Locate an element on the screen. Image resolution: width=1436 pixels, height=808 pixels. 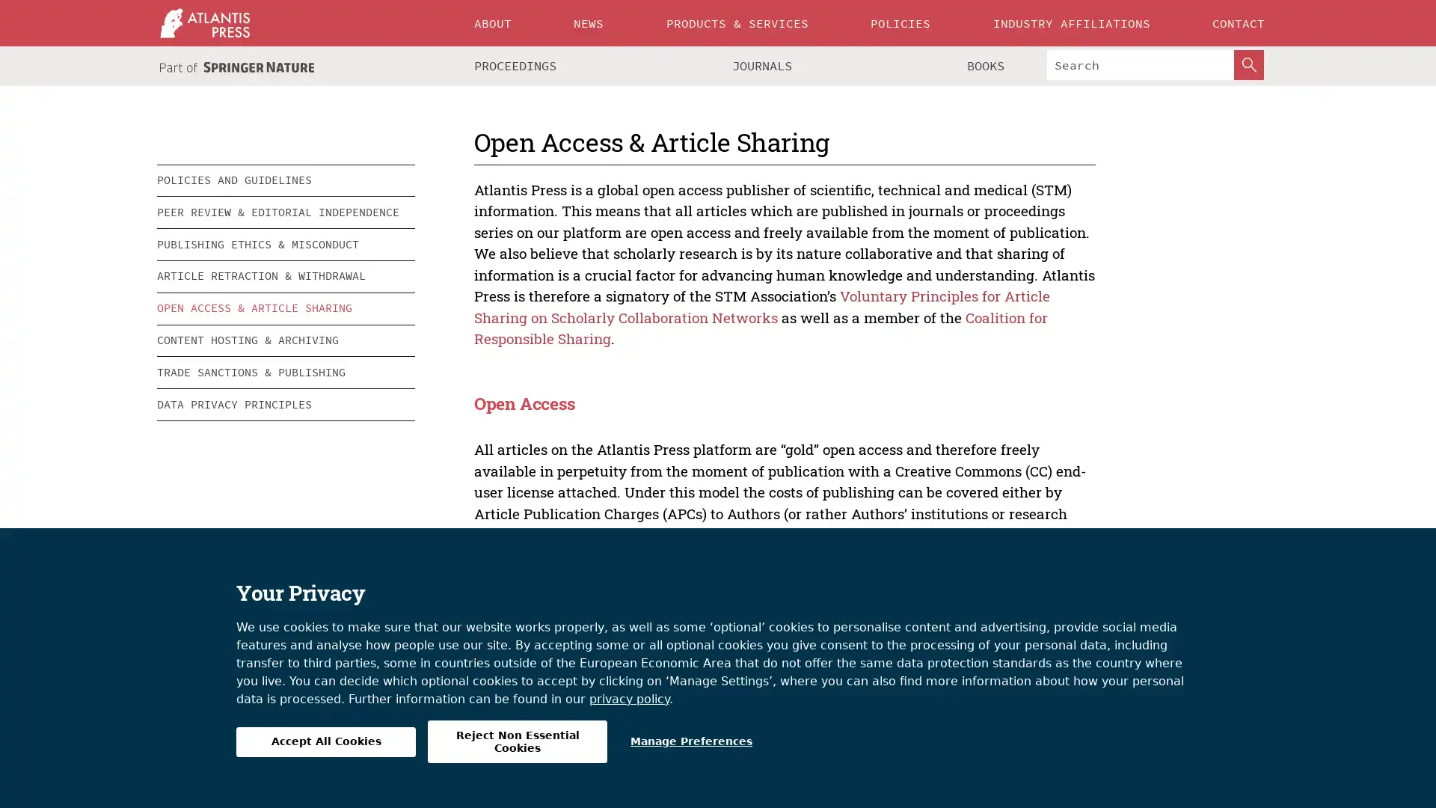
Accept All Cookies is located at coordinates (325, 741).